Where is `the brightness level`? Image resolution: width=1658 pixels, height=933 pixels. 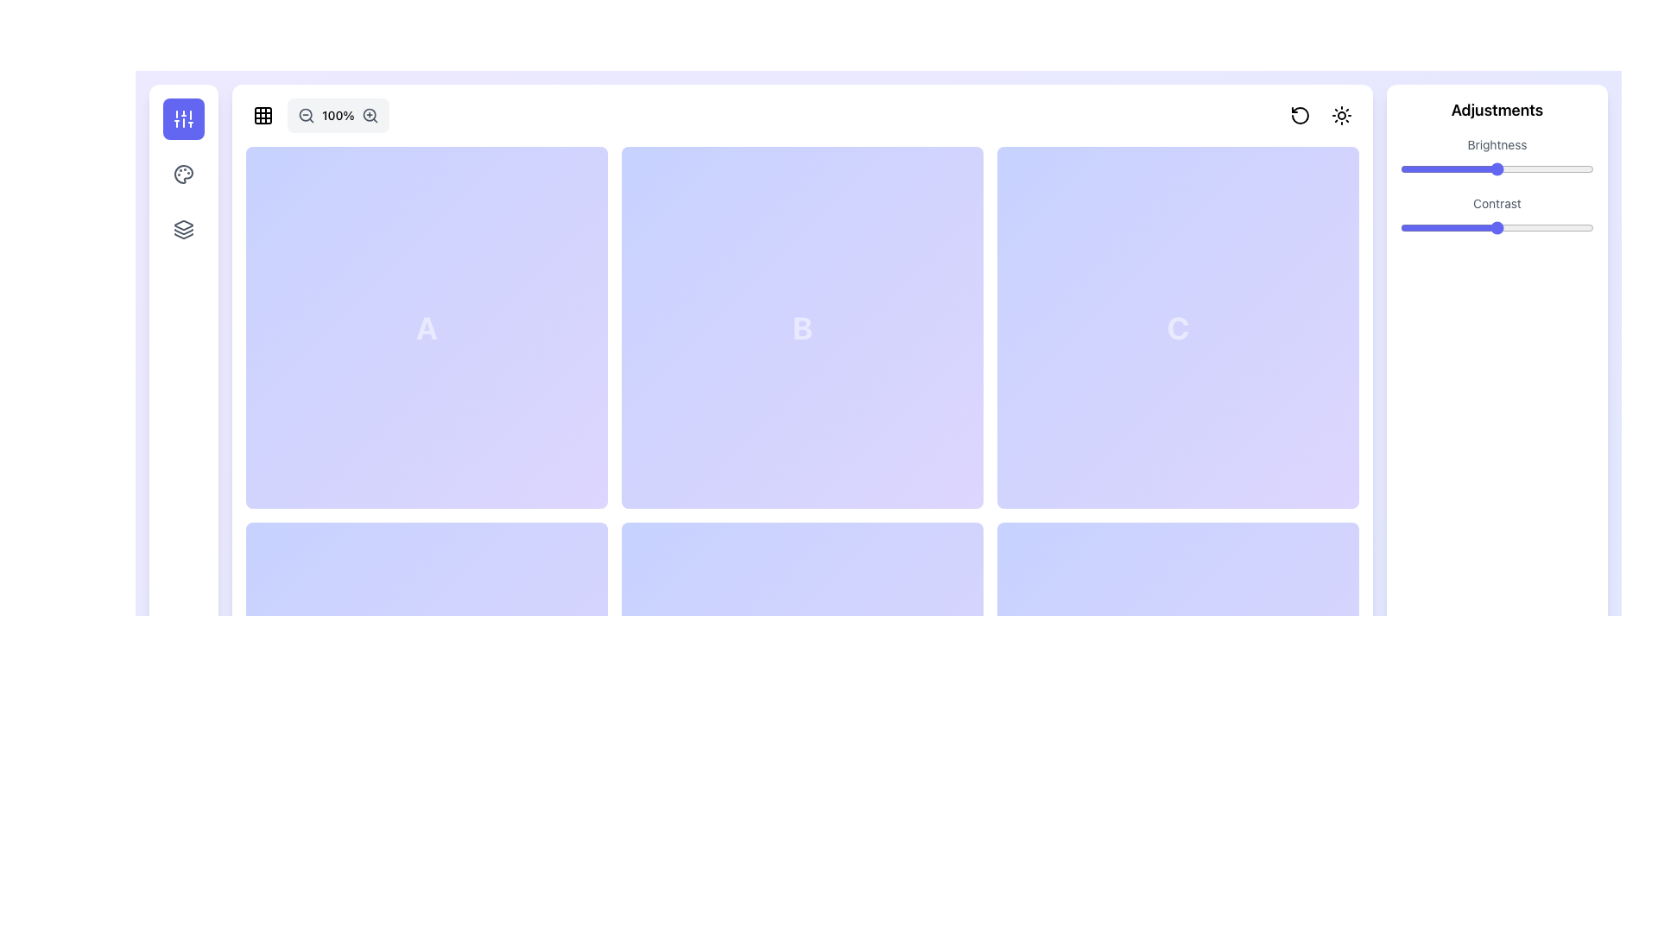 the brightness level is located at coordinates (1492, 169).